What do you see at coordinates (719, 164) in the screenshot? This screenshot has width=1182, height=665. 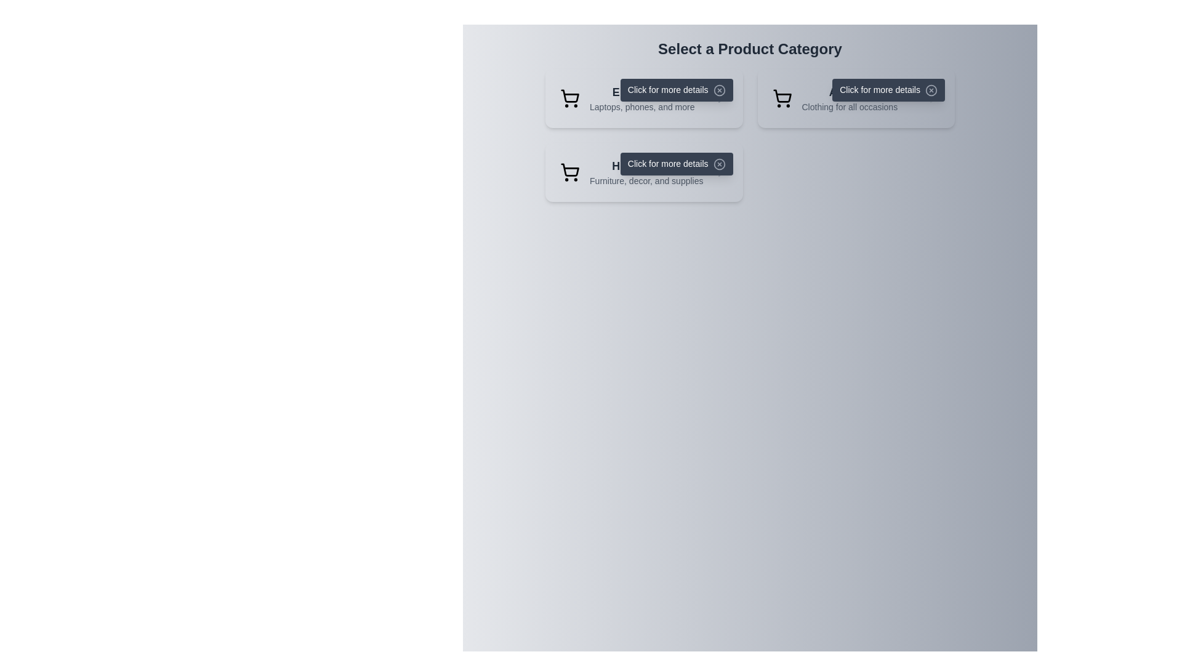 I see `the circular icon with an 'x' mark inside, located in the top-right section of the tooltip titled 'Click for more details.'` at bounding box center [719, 164].